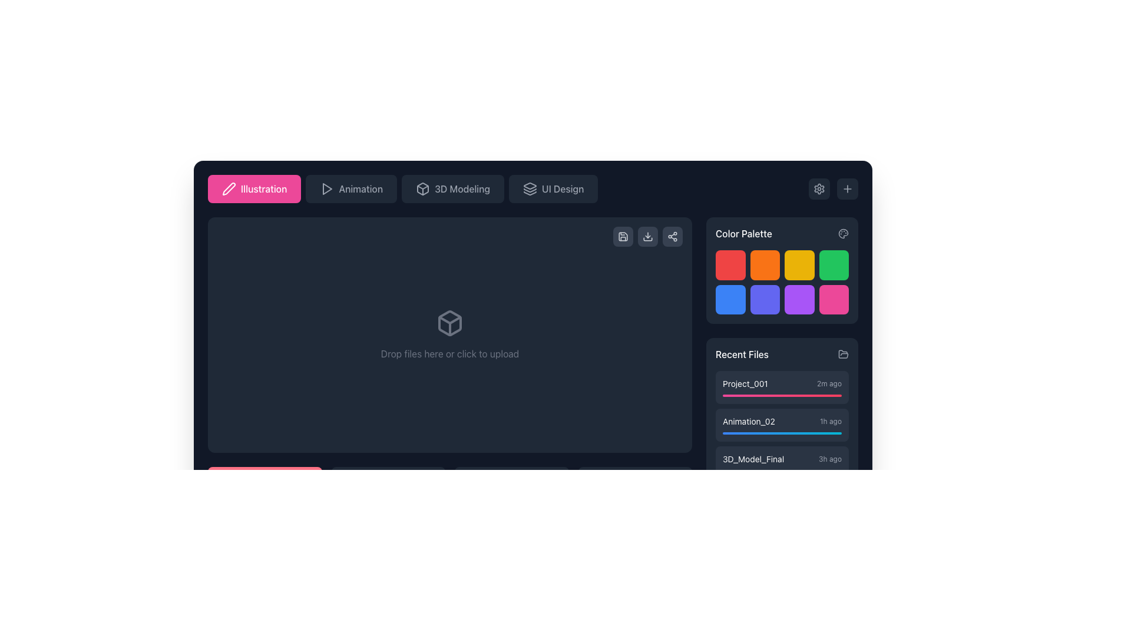 The height and width of the screenshot is (636, 1131). Describe the element at coordinates (229, 188) in the screenshot. I see `the 'Illustration' icon located inside the 'Illustration' button at the top left portion of the interface` at that location.